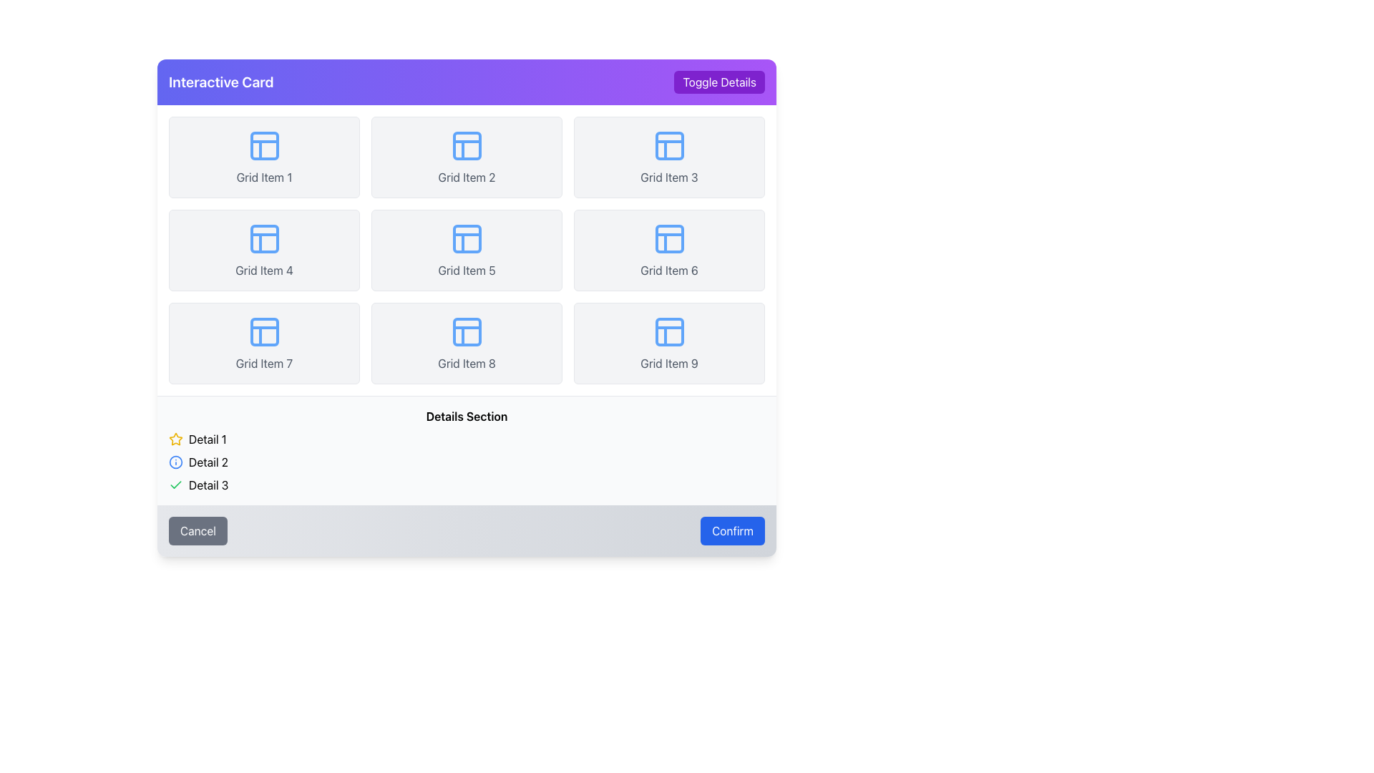 This screenshot has width=1374, height=773. What do you see at coordinates (175, 485) in the screenshot?
I see `the status indication icon located to the left of the 'Detail 3' text in the 'Details Section'` at bounding box center [175, 485].